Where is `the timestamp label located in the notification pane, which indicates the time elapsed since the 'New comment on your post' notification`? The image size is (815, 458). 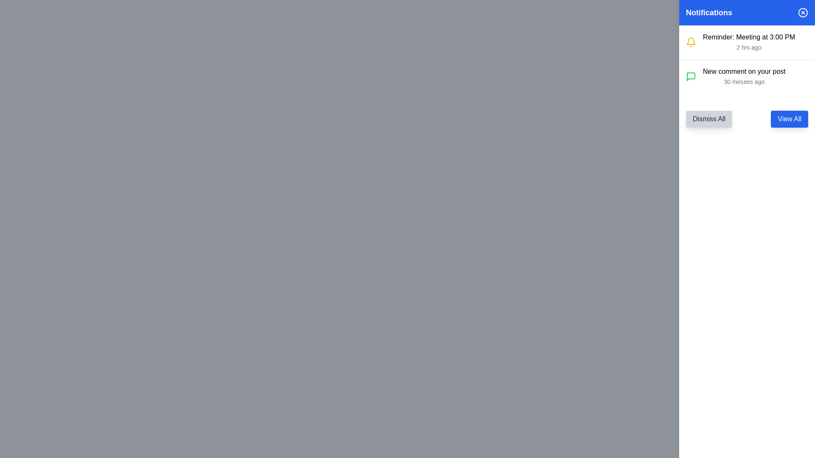 the timestamp label located in the notification pane, which indicates the time elapsed since the 'New comment on your post' notification is located at coordinates (744, 81).